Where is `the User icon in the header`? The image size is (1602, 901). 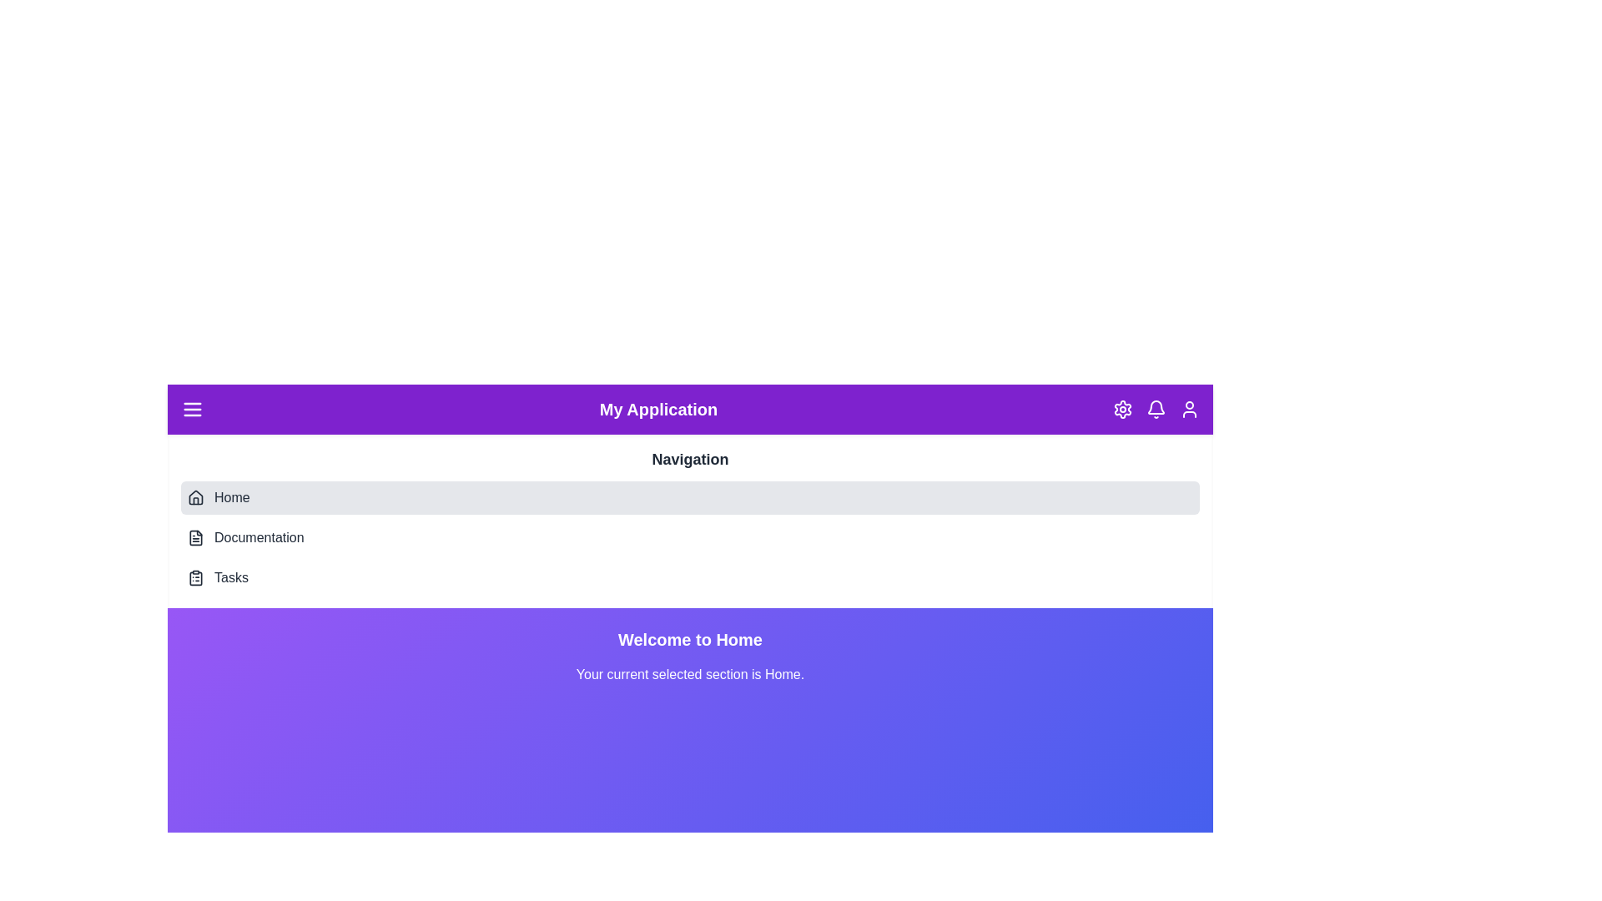 the User icon in the header is located at coordinates (1188, 409).